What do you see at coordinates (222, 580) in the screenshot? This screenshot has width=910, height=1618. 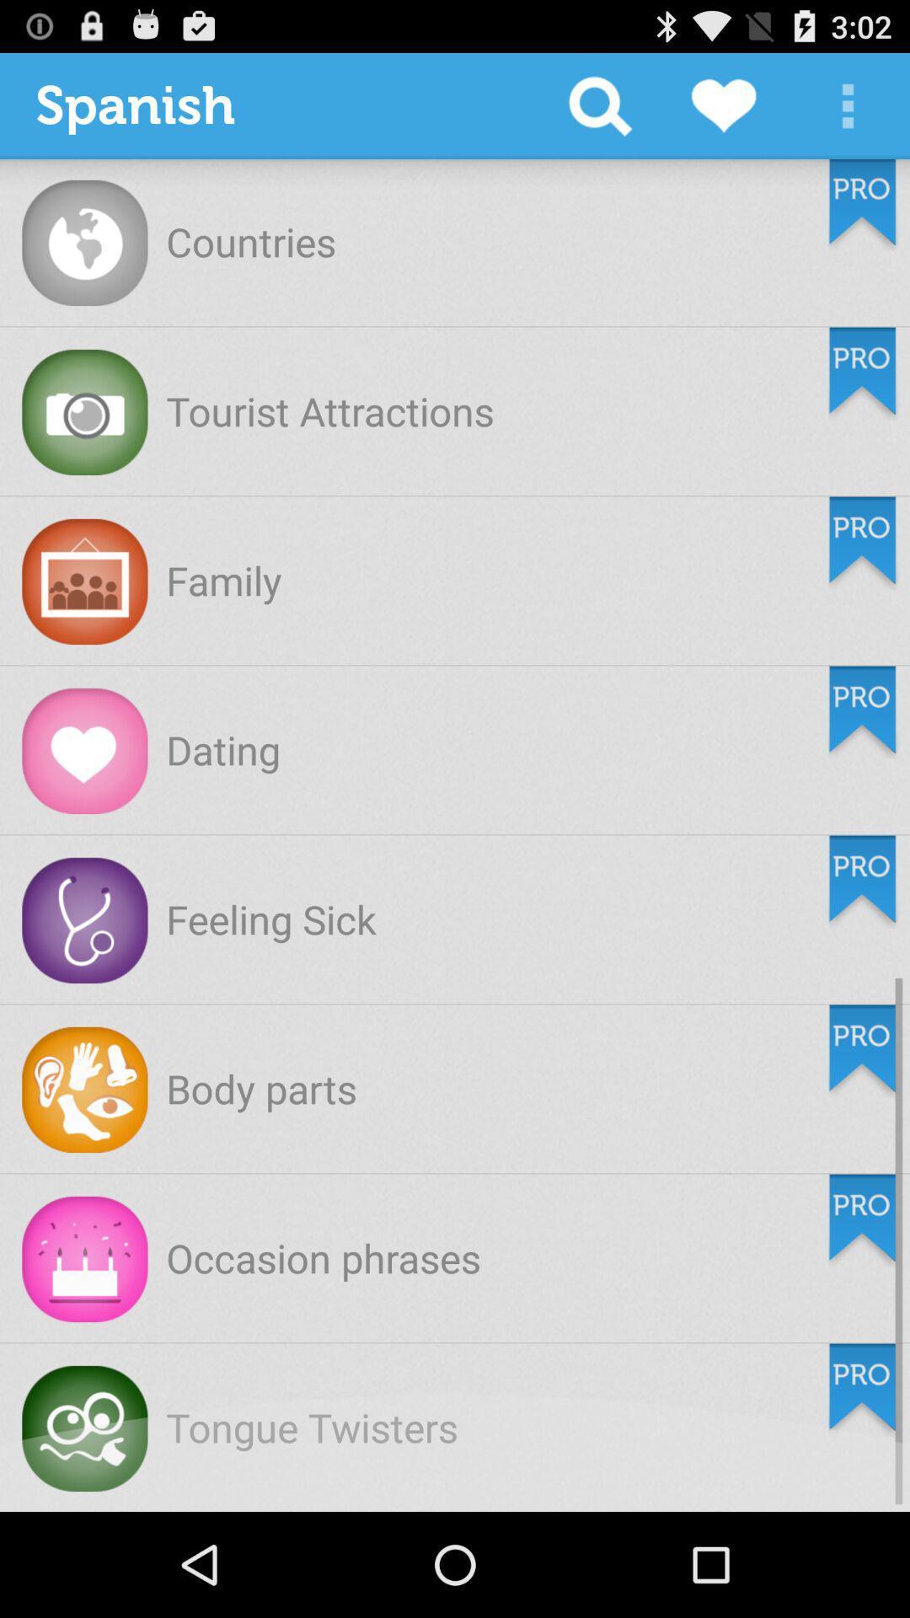 I see `family app` at bounding box center [222, 580].